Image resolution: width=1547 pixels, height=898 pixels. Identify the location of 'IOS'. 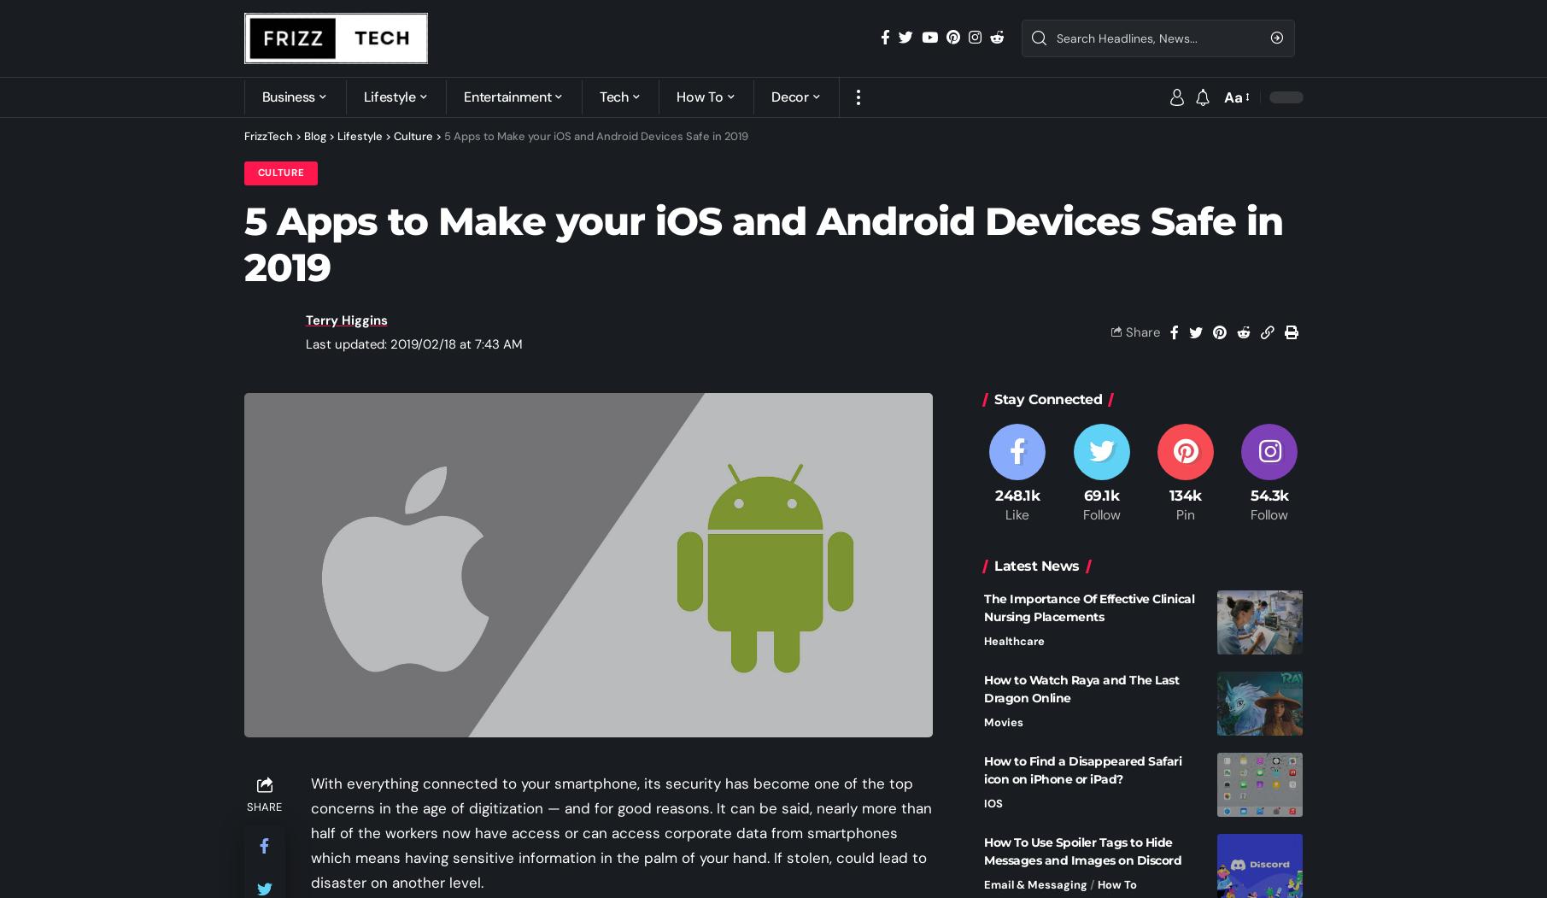
(993, 801).